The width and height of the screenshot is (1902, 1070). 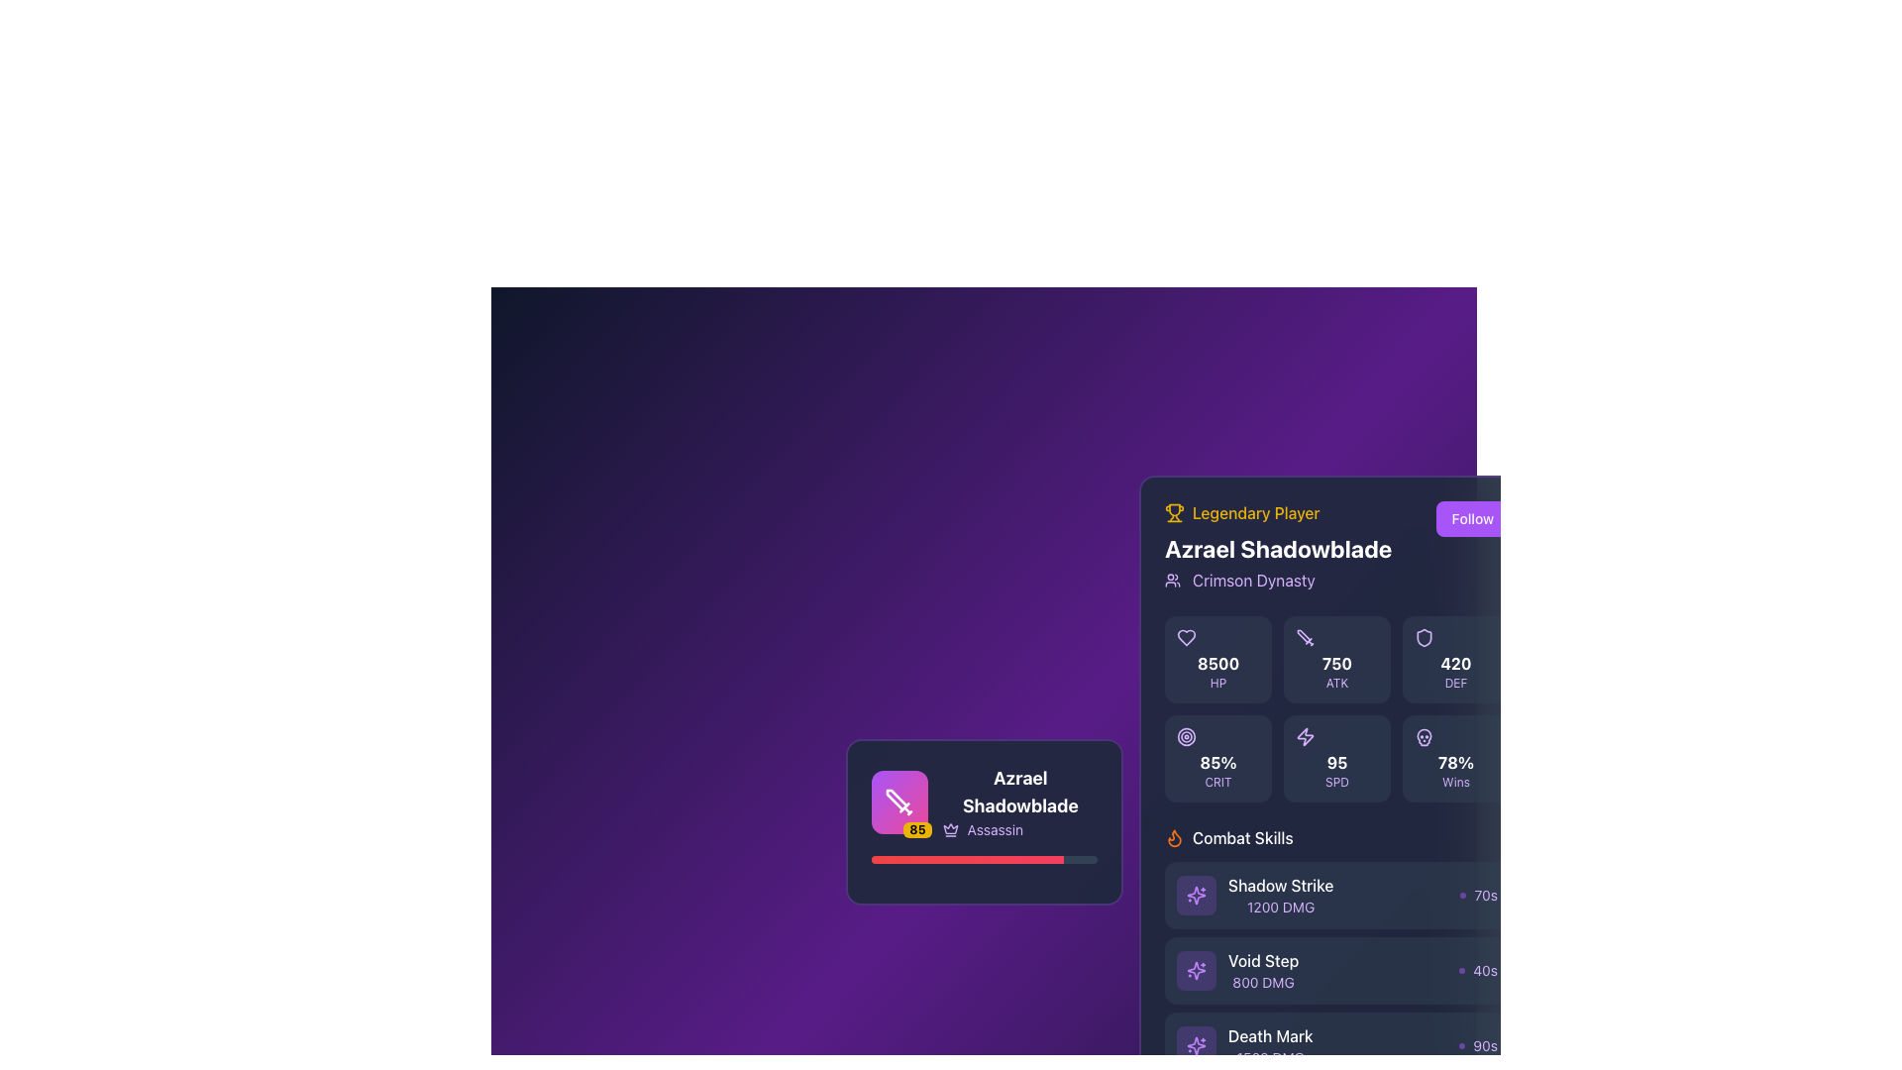 What do you see at coordinates (1303, 636) in the screenshot?
I see `the SVG graphic icon resembling a sword located in the second grid cell representing 'ATK' next to the numeric value '750'` at bounding box center [1303, 636].